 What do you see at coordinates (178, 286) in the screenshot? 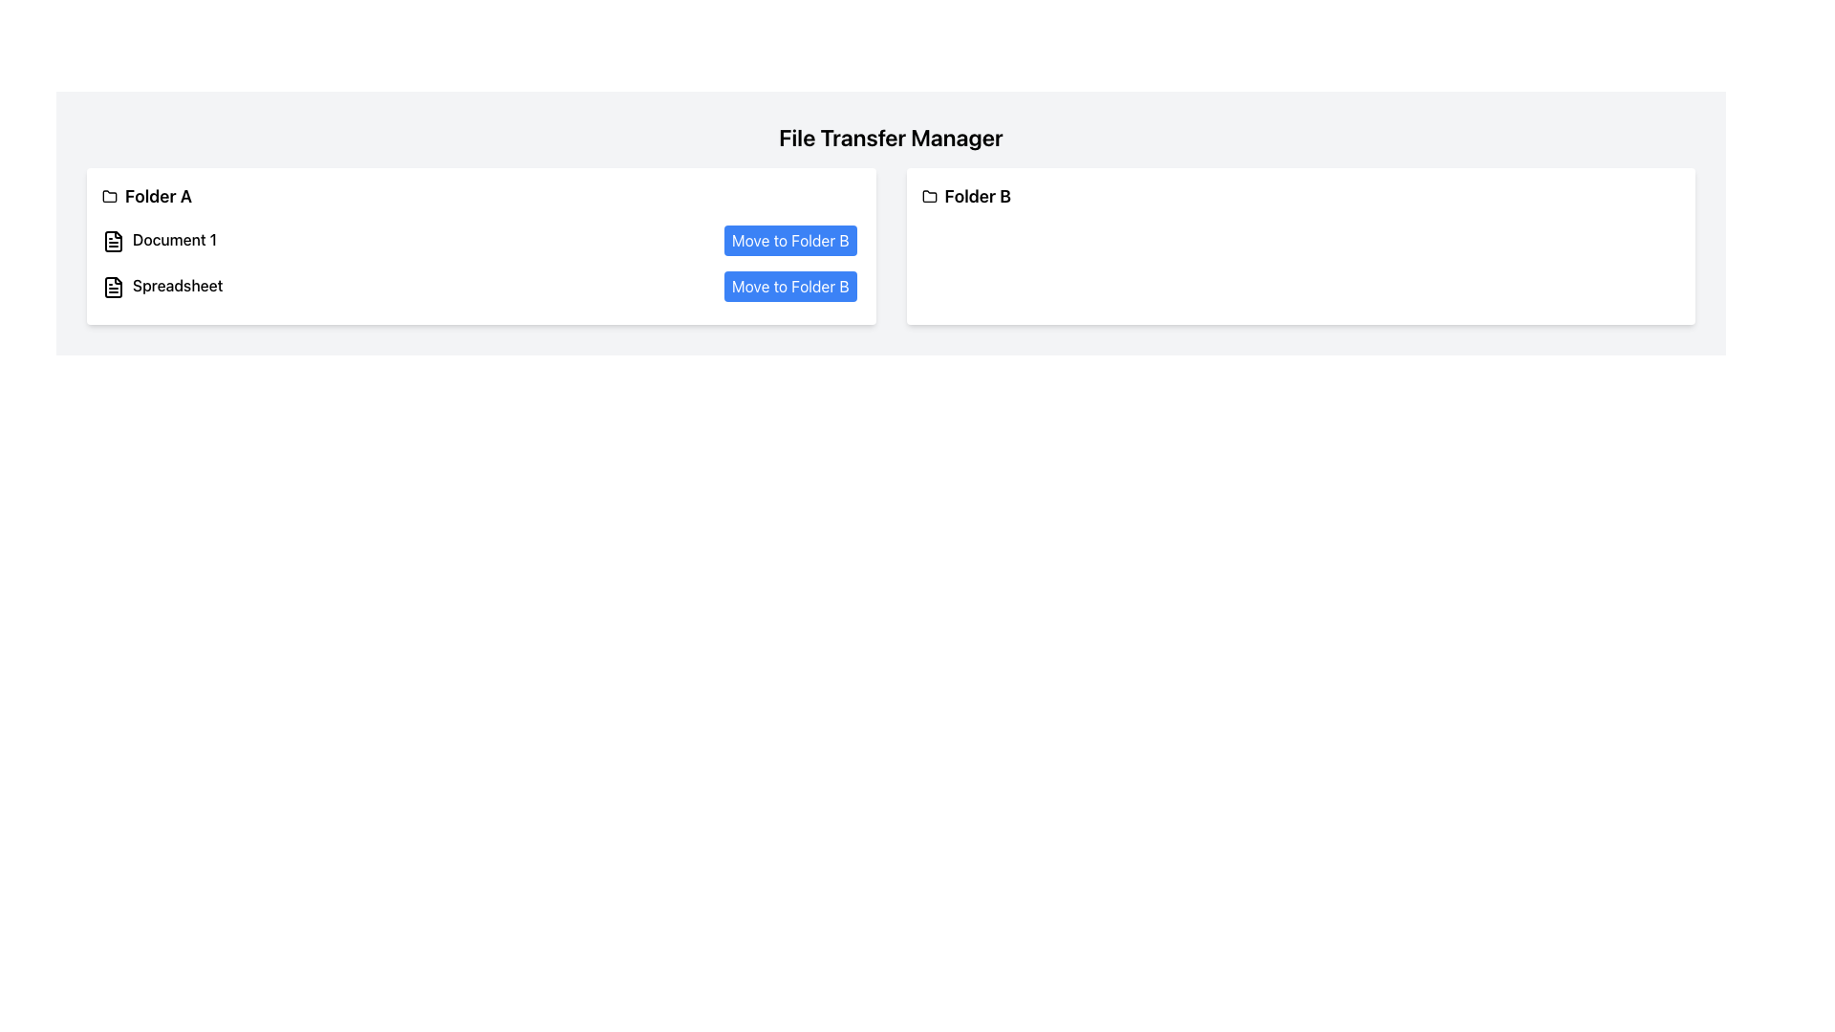
I see `the text label displaying 'Spreadsheet' located under 'Folder A'` at bounding box center [178, 286].